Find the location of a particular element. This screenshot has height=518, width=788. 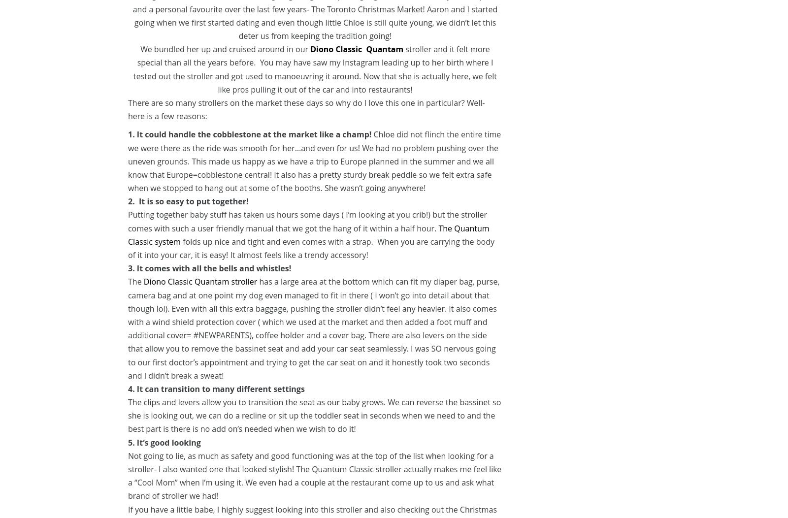

'5. It’s good looking' is located at coordinates (164, 442).